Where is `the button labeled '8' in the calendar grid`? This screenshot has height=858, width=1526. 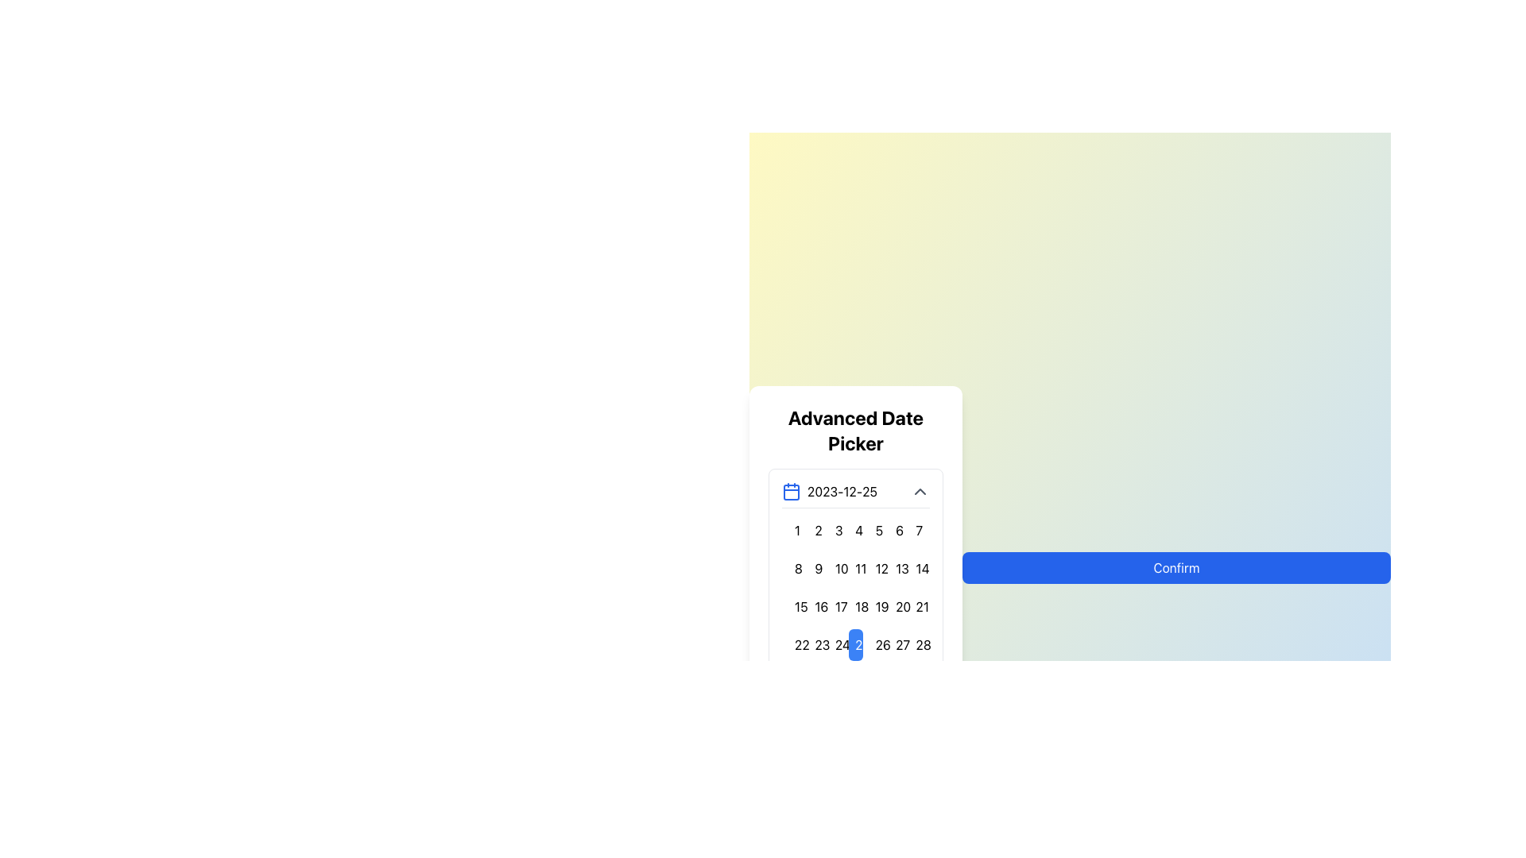
the button labeled '8' in the calendar grid is located at coordinates (795, 567).